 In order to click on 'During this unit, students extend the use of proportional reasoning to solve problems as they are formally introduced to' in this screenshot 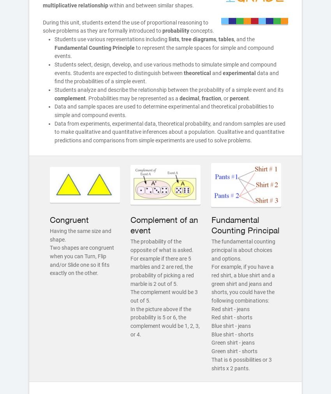, I will do `click(125, 26)`.